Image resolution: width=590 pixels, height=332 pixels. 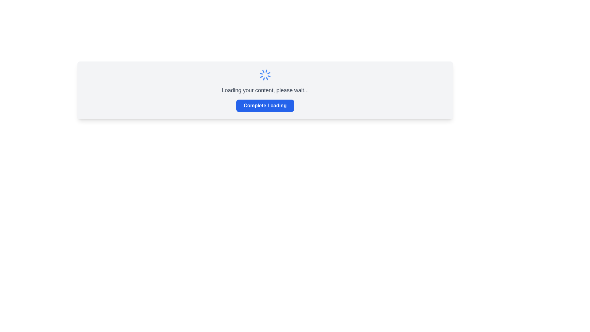 What do you see at coordinates (265, 90) in the screenshot?
I see `loading message displayed in the Loading indicator section, which shows the text 'Loading your content, please wait...' above the button 'Complete Loading'` at bounding box center [265, 90].